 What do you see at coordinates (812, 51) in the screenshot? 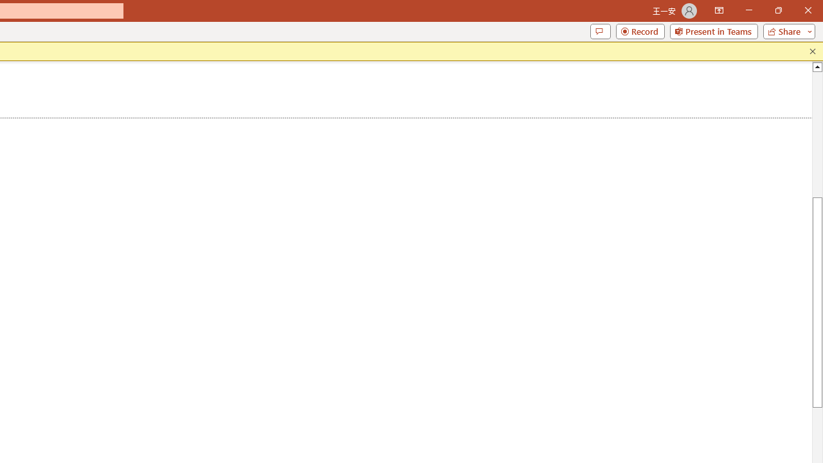
I see `'Close this message'` at bounding box center [812, 51].